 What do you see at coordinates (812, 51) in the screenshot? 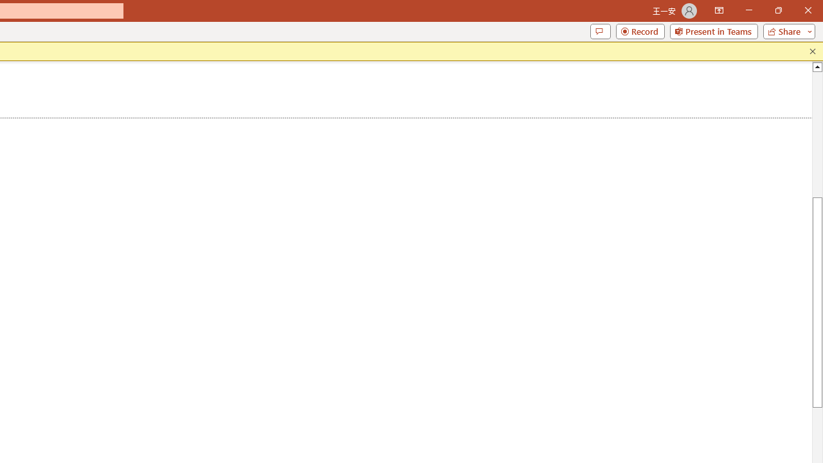
I see `'Close this message'` at bounding box center [812, 51].